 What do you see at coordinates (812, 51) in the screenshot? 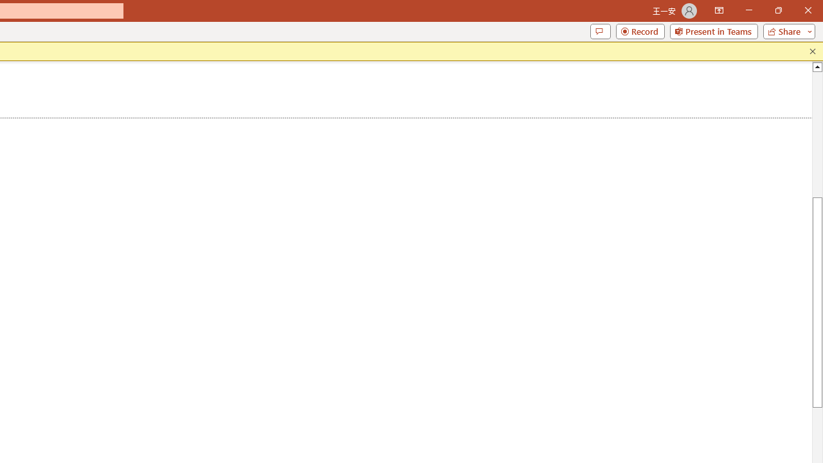
I see `'Close this message'` at bounding box center [812, 51].